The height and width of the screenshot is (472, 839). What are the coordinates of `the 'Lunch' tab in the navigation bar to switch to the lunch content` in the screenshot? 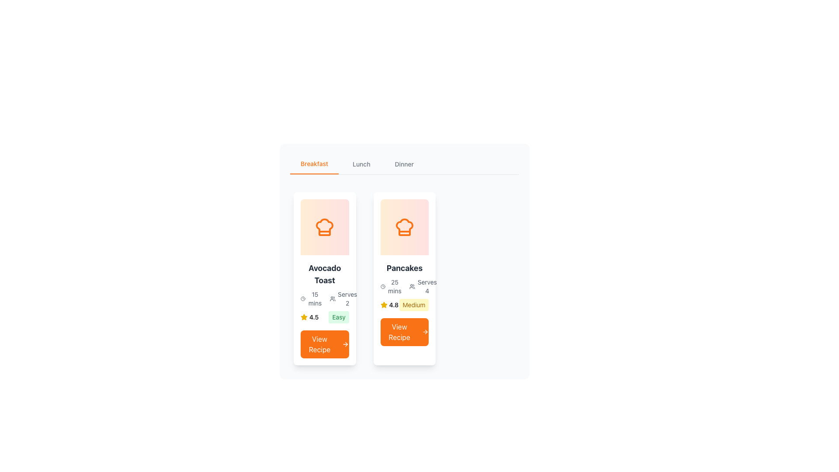 It's located at (361, 164).